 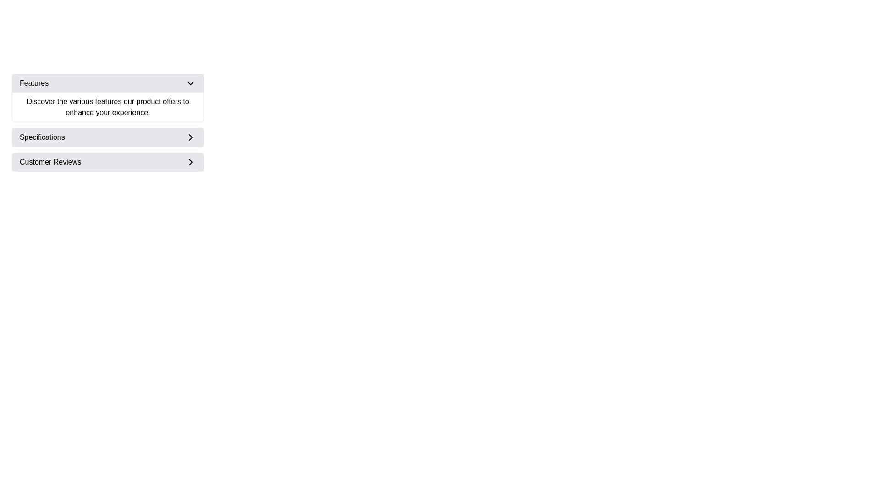 What do you see at coordinates (190, 83) in the screenshot?
I see `the chevron icon located at the far right of the 'Features' button` at bounding box center [190, 83].